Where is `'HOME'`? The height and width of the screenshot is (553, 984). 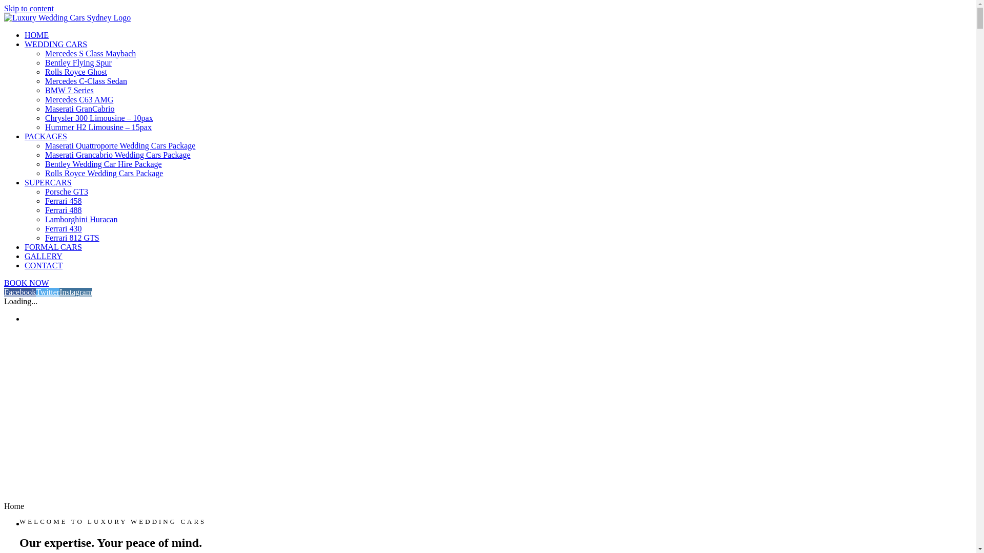
'HOME' is located at coordinates (25, 34).